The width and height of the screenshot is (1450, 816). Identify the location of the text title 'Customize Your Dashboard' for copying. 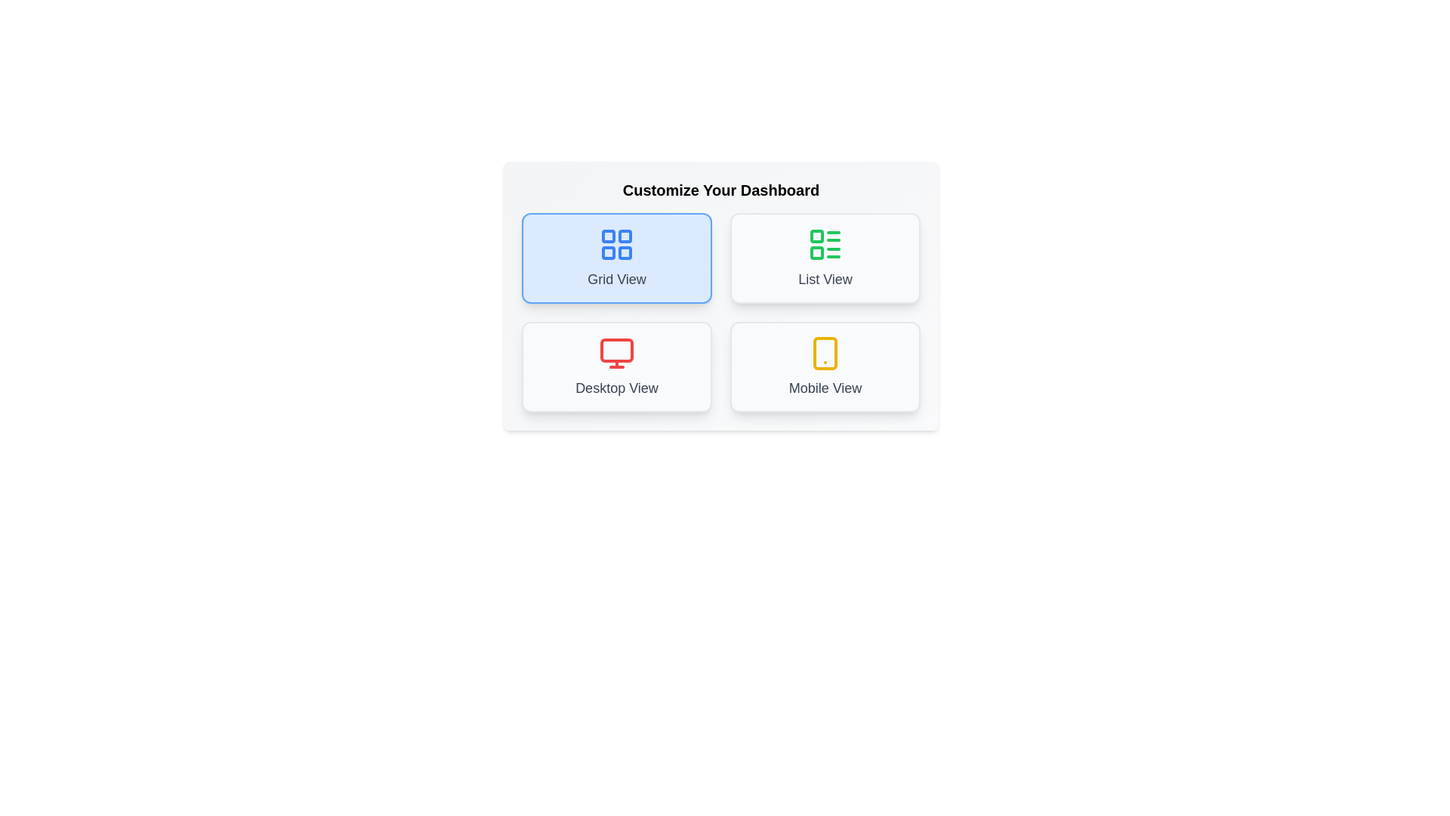
(720, 189).